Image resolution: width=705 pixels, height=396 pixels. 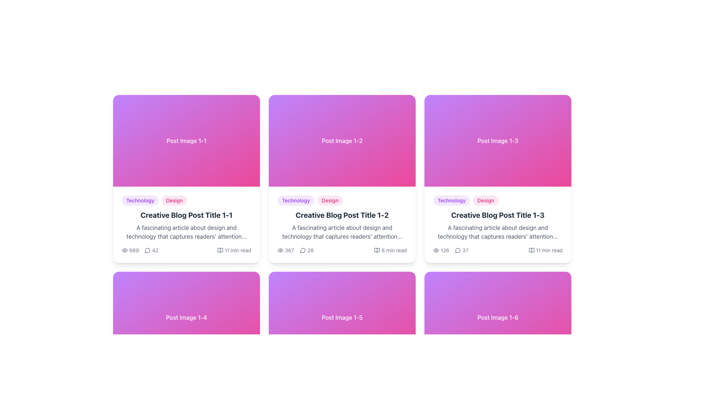 What do you see at coordinates (125, 250) in the screenshot?
I see `the eye-shaped SVG icon located in the footer section of the first card on the top row, positioned to the left of the numeric label '689'` at bounding box center [125, 250].